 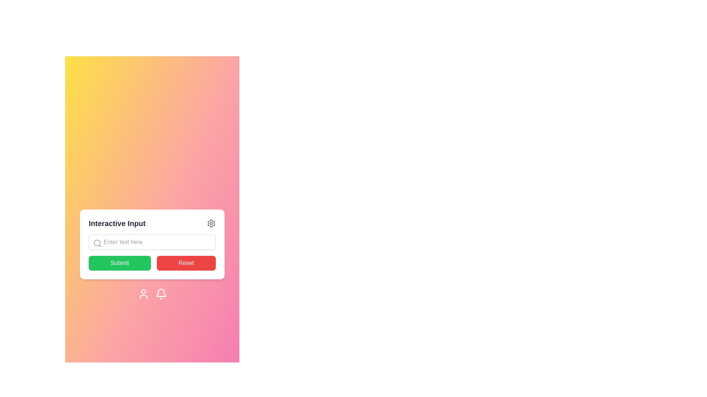 I want to click on the small, circular gray magnifying glass icon located at the far-left side of the input field, so click(x=97, y=243).